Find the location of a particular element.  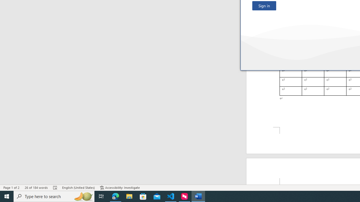

'Task View' is located at coordinates (101, 196).